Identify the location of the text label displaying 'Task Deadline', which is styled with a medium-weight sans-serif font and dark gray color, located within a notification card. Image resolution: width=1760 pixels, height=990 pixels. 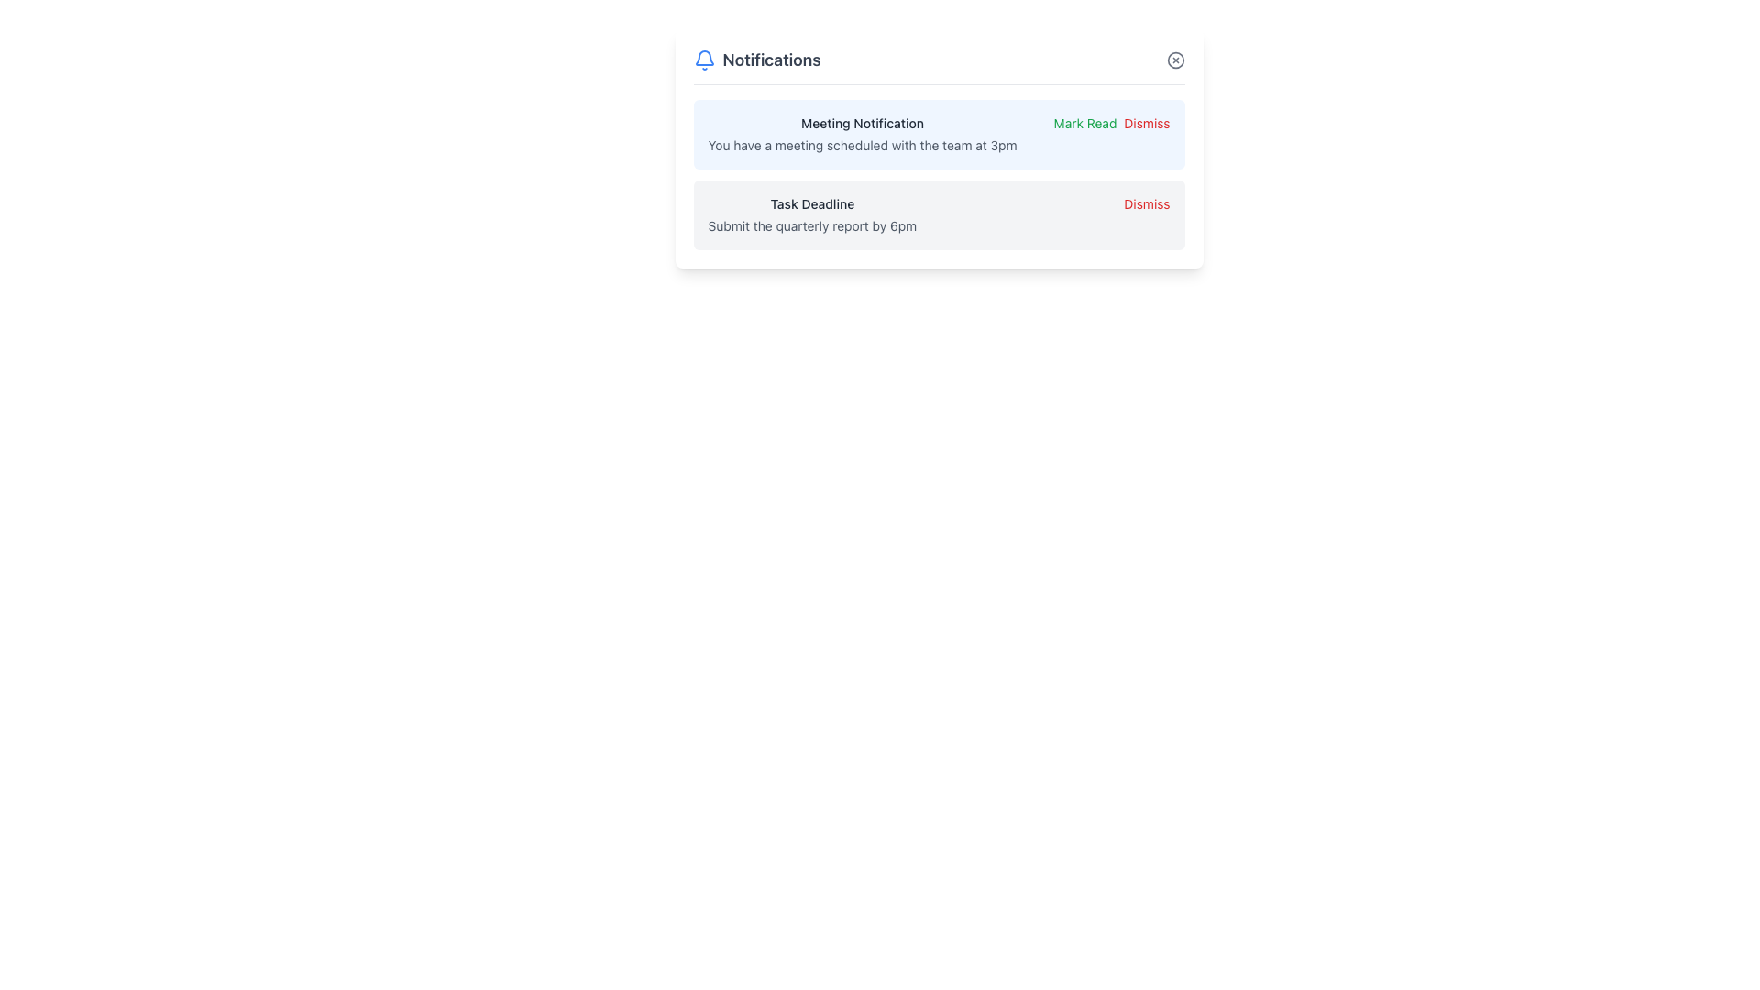
(811, 204).